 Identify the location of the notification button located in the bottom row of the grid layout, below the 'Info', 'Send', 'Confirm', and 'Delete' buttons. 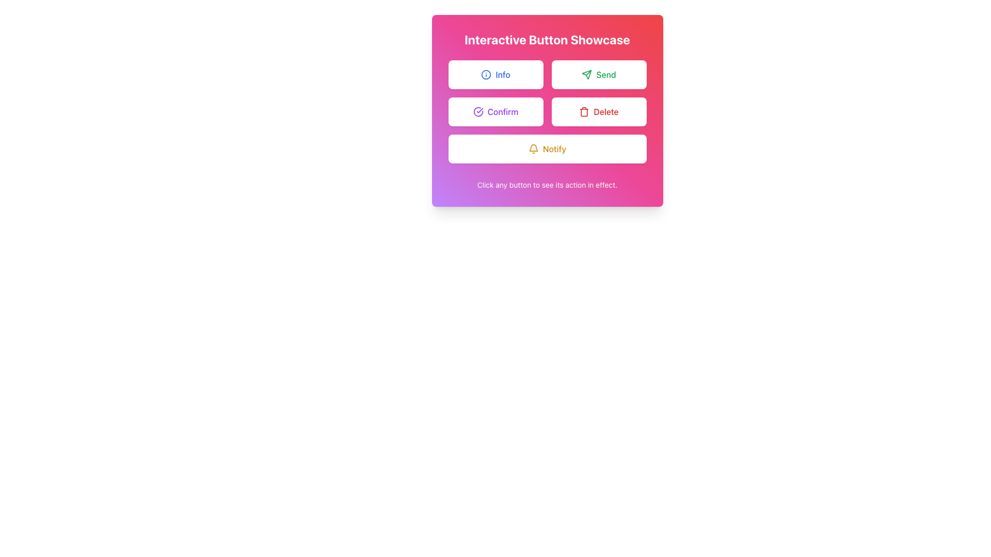
(547, 149).